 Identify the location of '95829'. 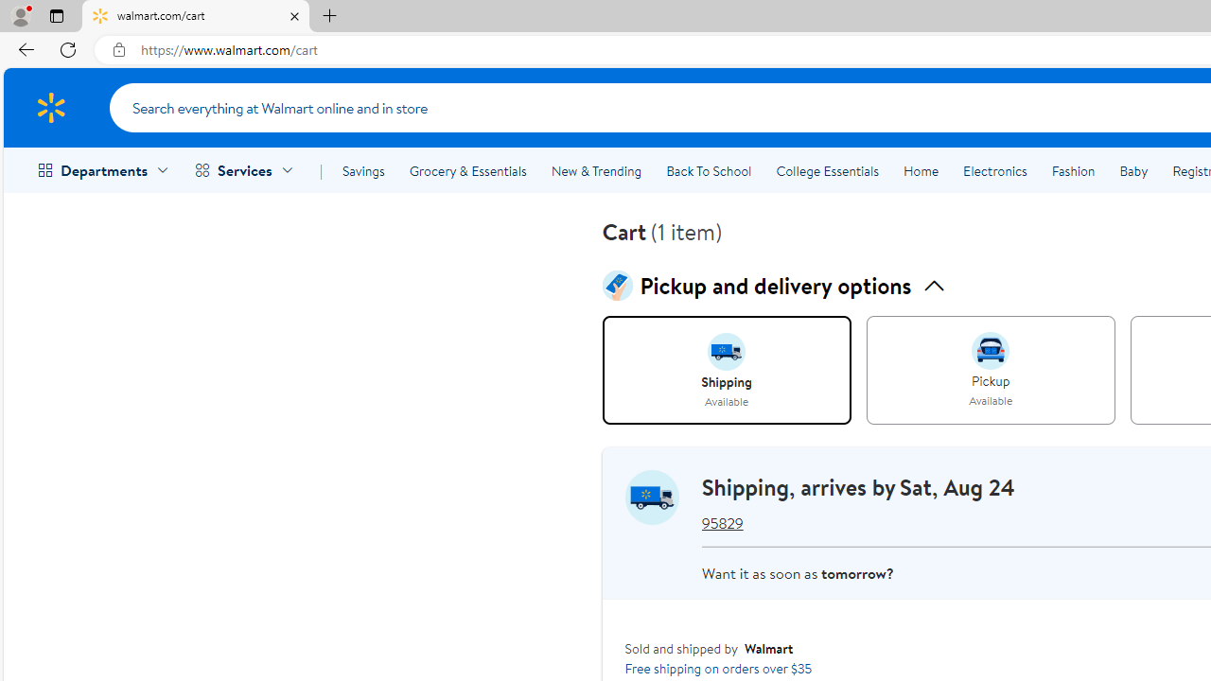
(721, 523).